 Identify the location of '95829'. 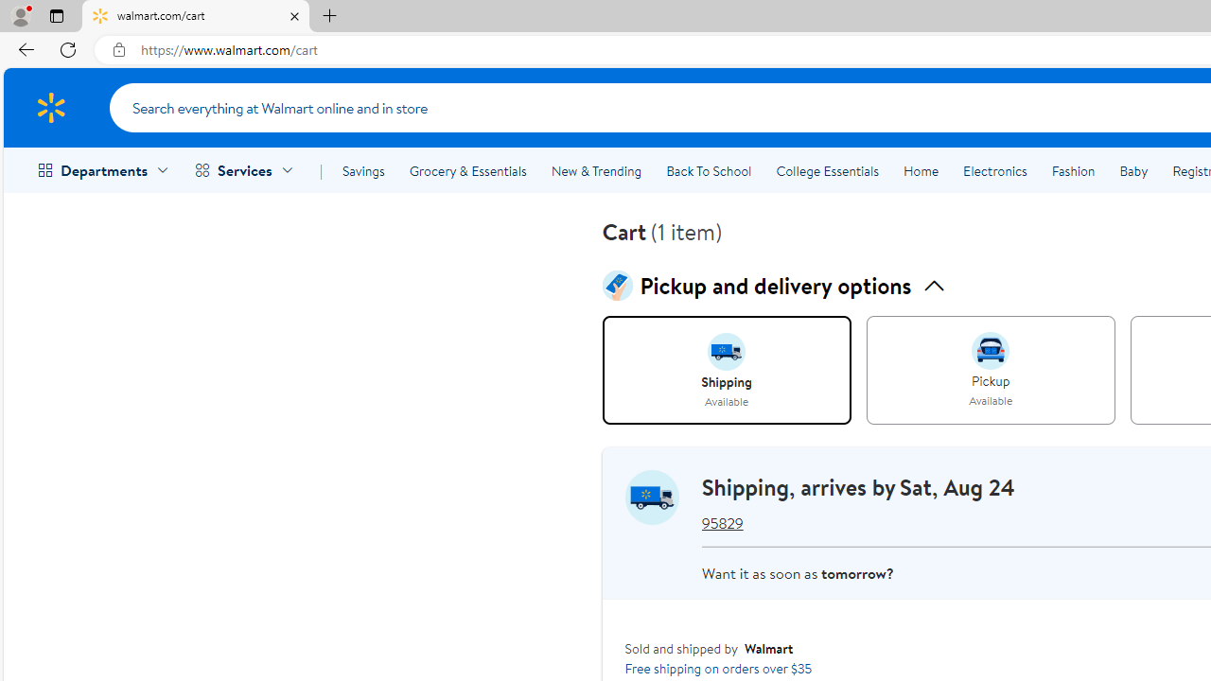
(721, 523).